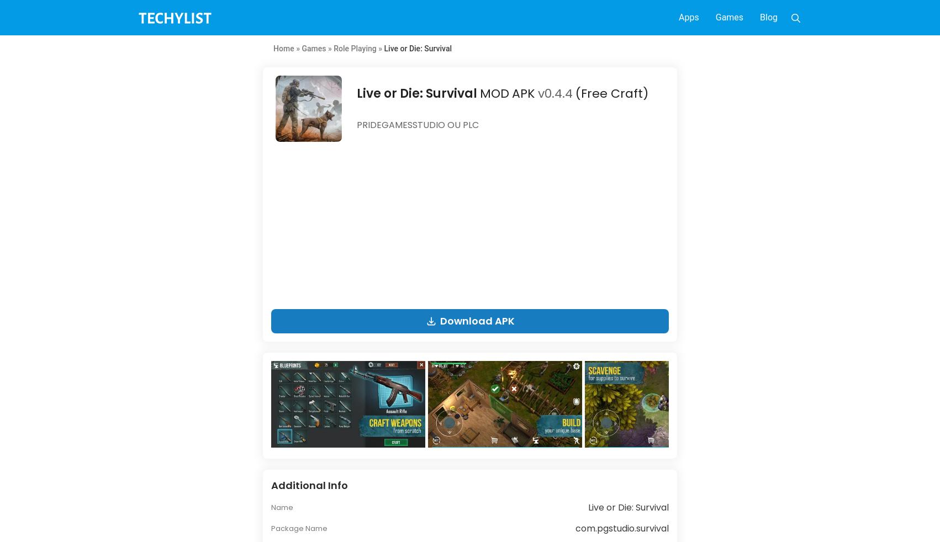 Image resolution: width=940 pixels, height=542 pixels. Describe the element at coordinates (768, 17) in the screenshot. I see `'Blog'` at that location.